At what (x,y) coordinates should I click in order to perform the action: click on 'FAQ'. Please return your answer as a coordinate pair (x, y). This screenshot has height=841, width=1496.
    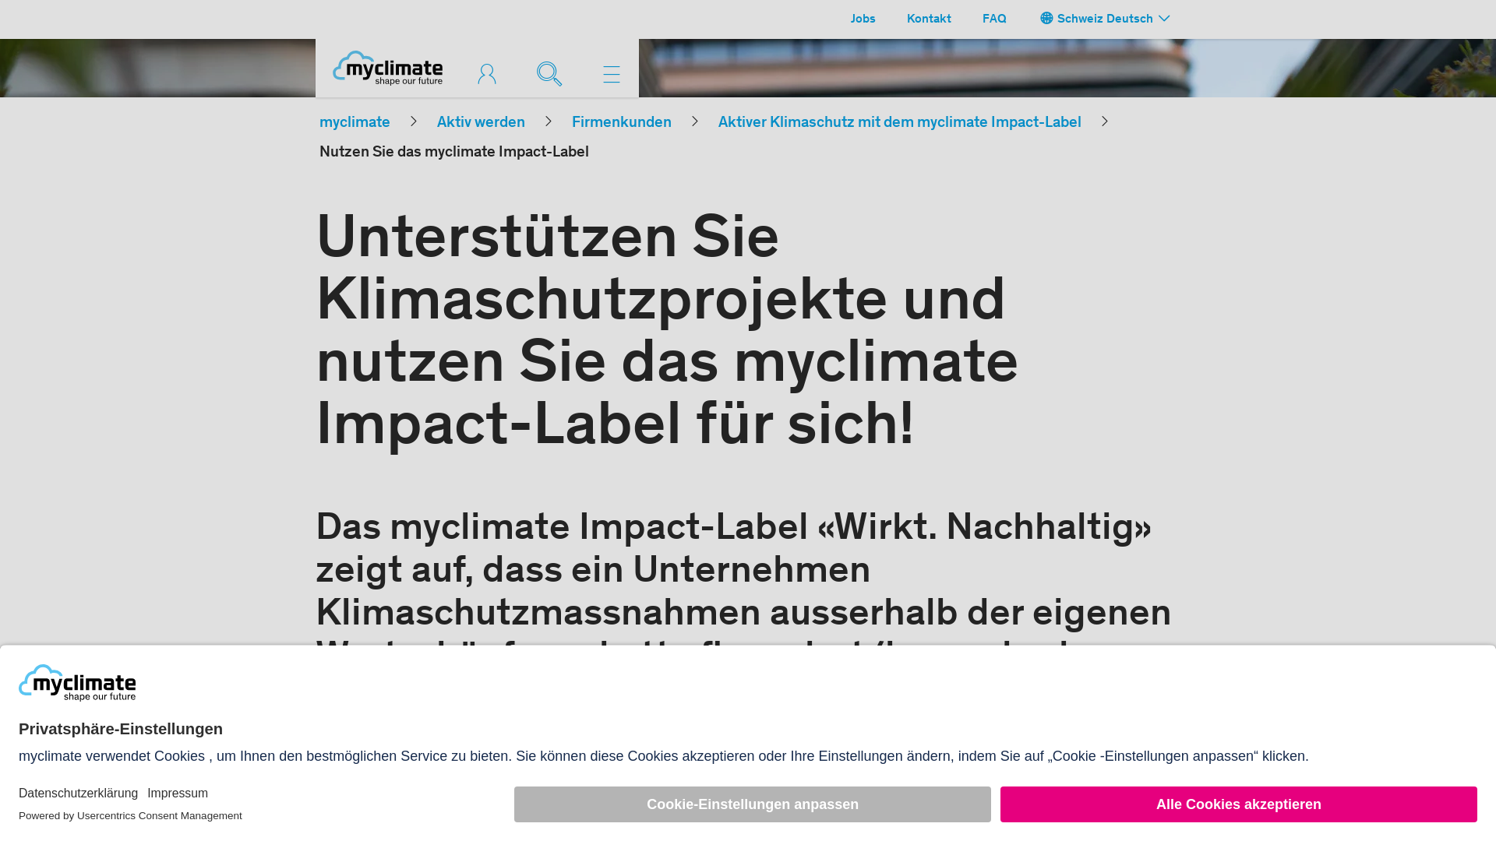
    Looking at the image, I should click on (993, 19).